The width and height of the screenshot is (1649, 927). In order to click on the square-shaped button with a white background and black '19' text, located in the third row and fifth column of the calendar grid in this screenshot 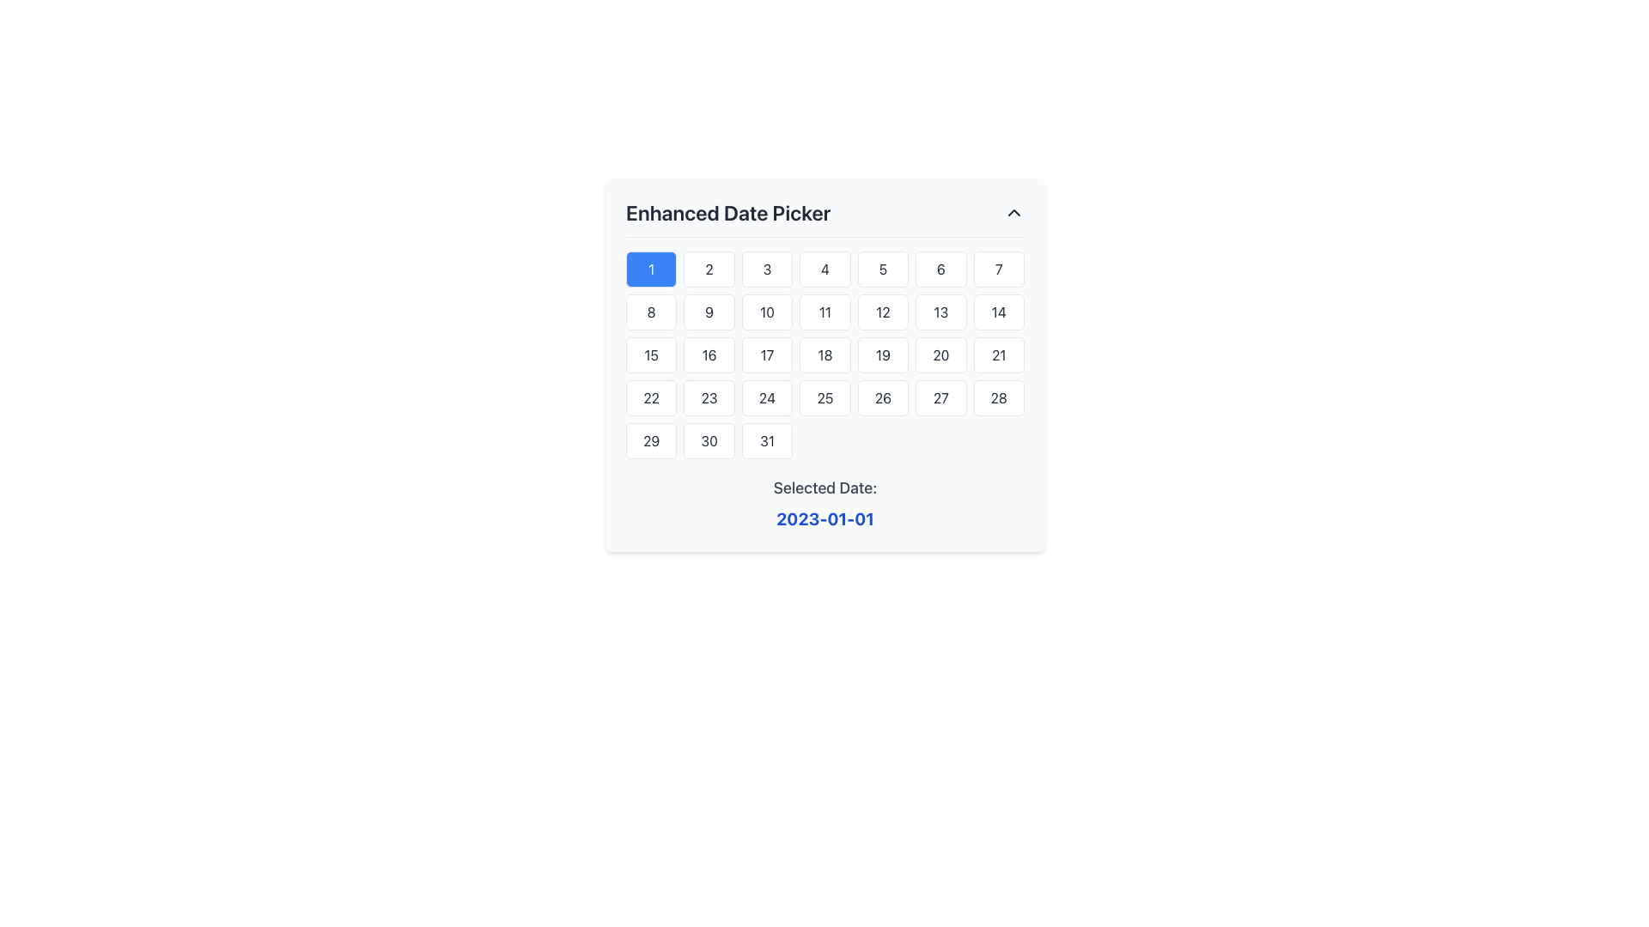, I will do `click(883, 354)`.